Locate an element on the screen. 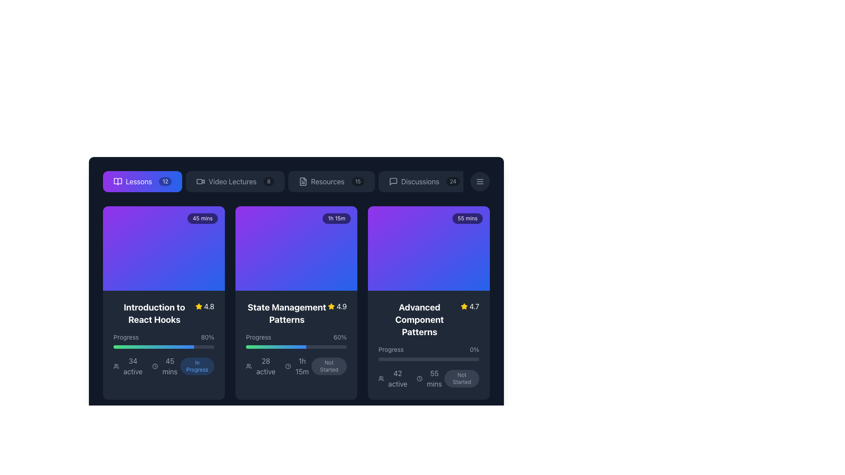 This screenshot has height=475, width=845. the rating value displayed by the text label associated with the 'State Management Patterns' card, positioned at the bottom section of the card in the middle column is located at coordinates (341, 306).